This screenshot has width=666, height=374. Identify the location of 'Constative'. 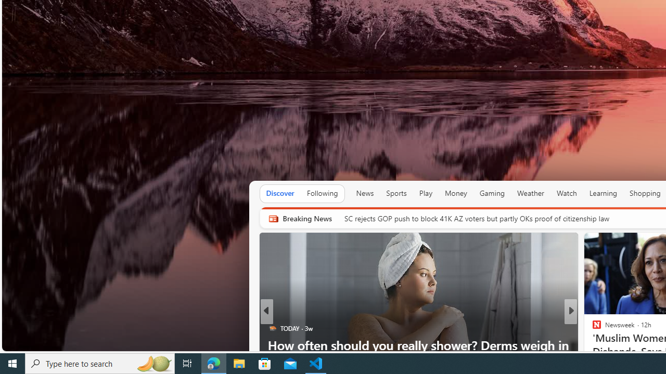
(592, 328).